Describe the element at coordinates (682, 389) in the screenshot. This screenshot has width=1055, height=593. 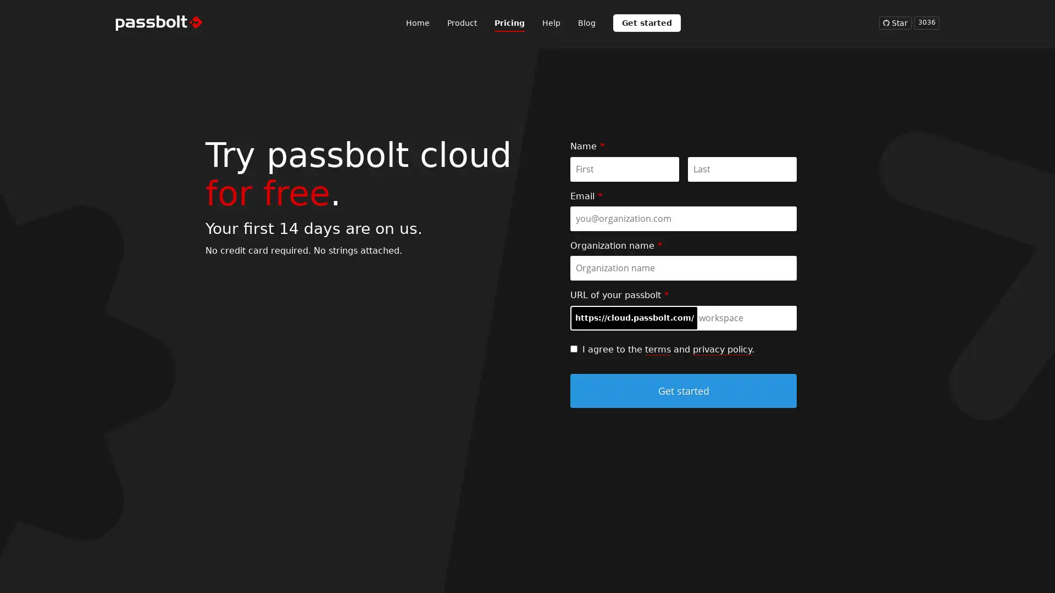
I see `Get started` at that location.